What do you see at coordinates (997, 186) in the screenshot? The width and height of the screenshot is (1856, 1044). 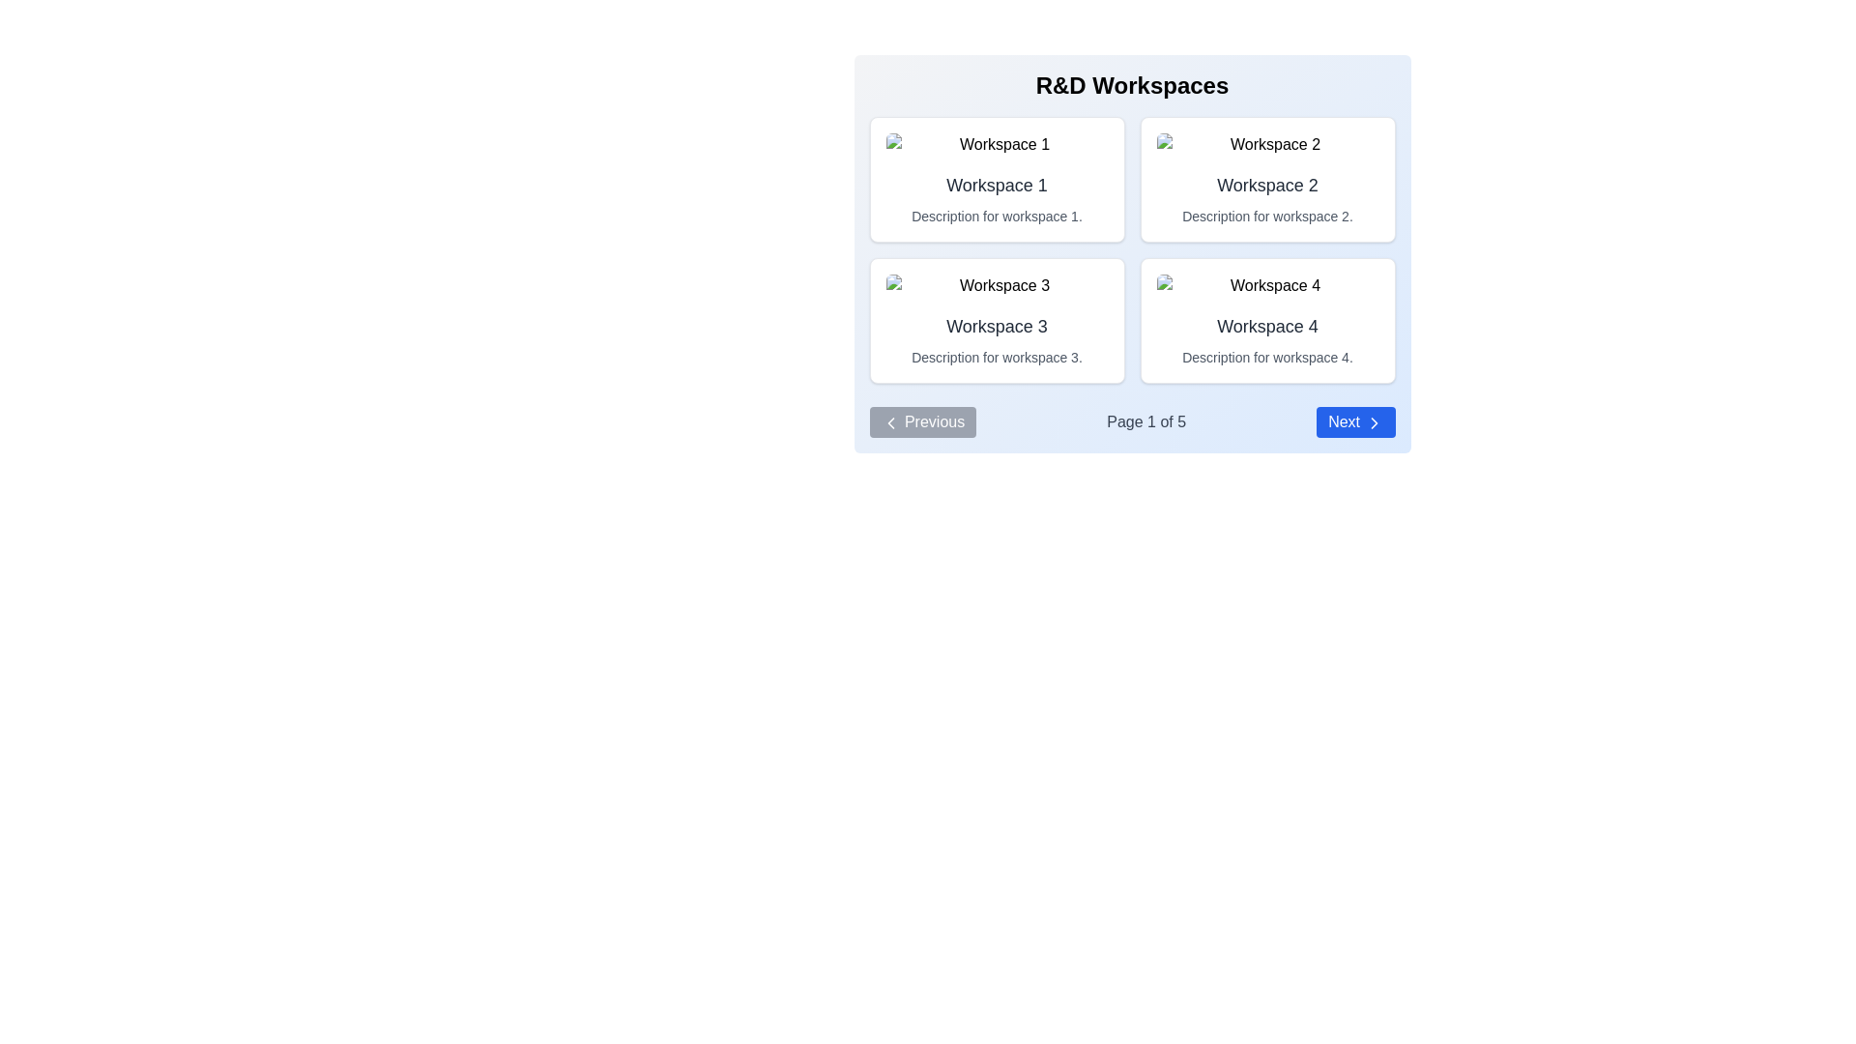 I see `text label that serves as a title or identifier for the workspace, located in the first card of the grid layout, positioned below an image placeholder` at bounding box center [997, 186].